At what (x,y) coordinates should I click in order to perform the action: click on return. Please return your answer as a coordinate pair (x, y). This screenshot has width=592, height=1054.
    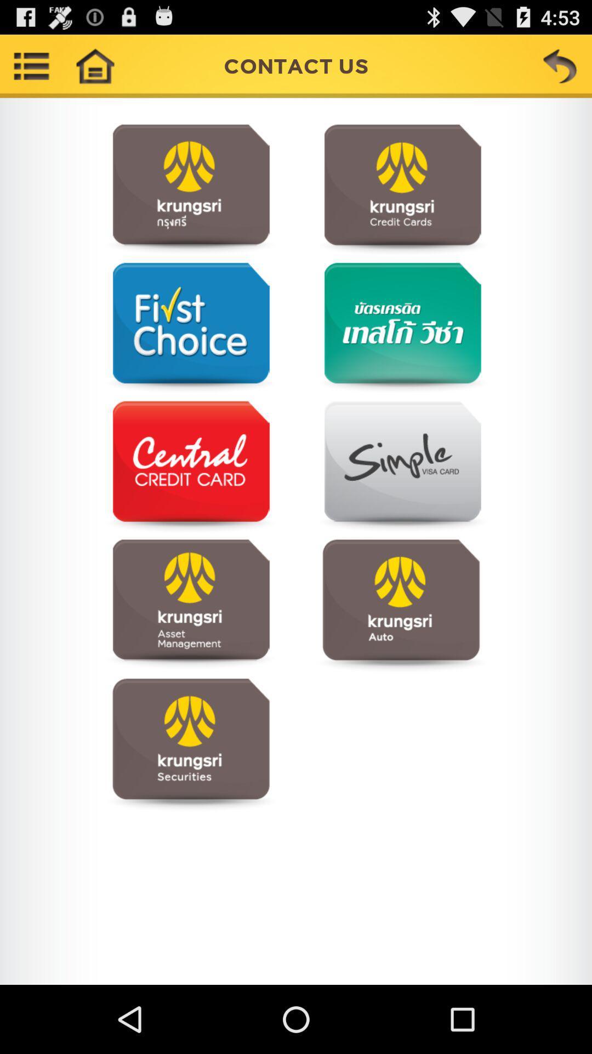
    Looking at the image, I should click on (560, 65).